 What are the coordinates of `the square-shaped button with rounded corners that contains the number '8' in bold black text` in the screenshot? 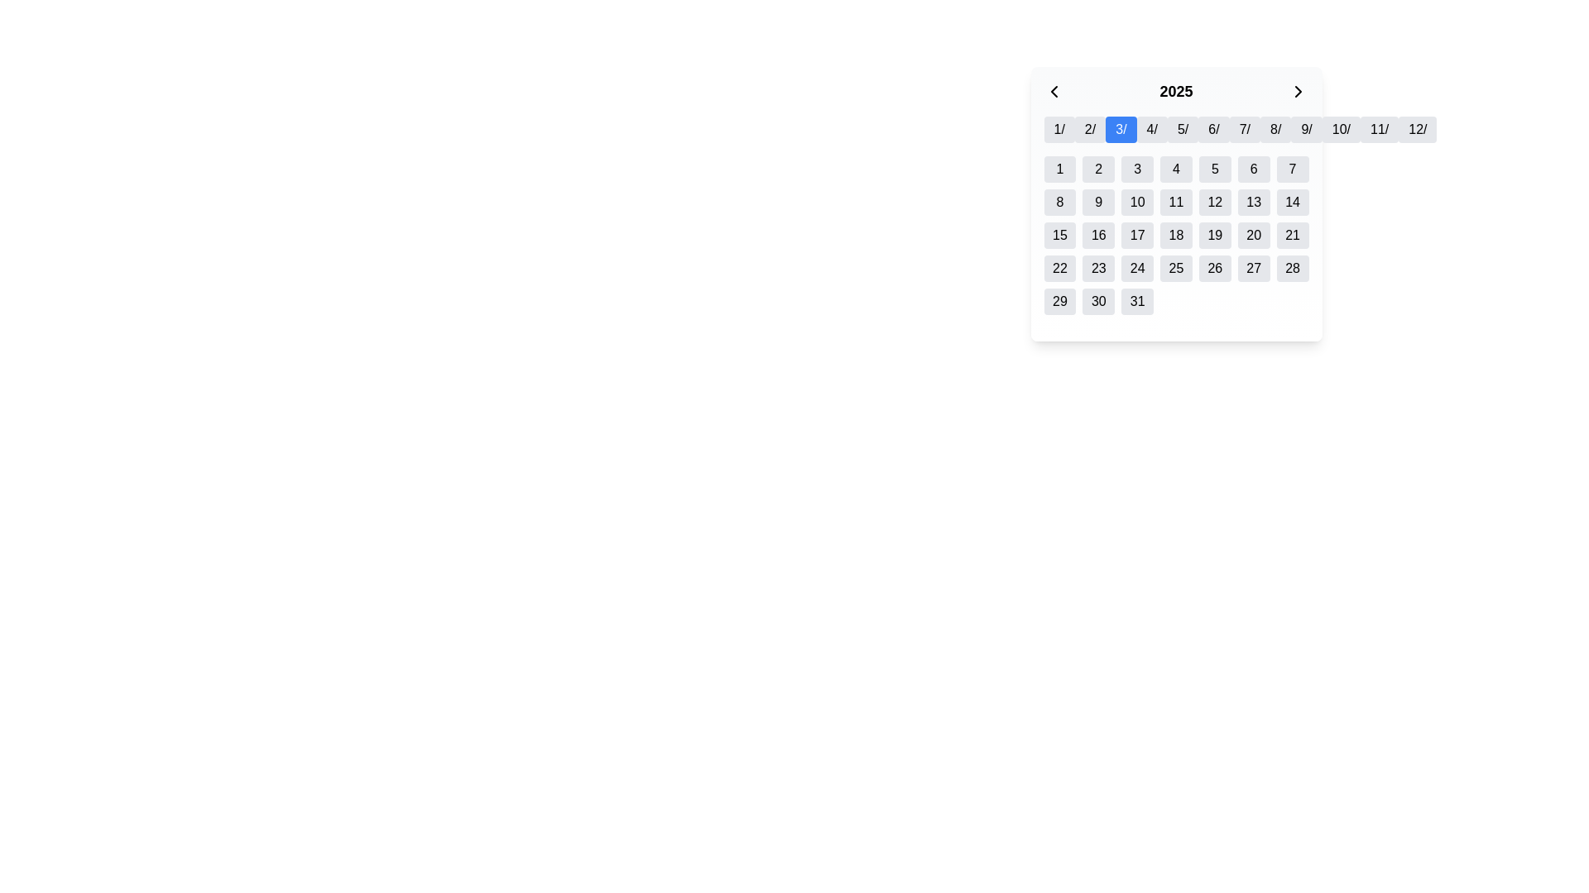 It's located at (1059, 202).